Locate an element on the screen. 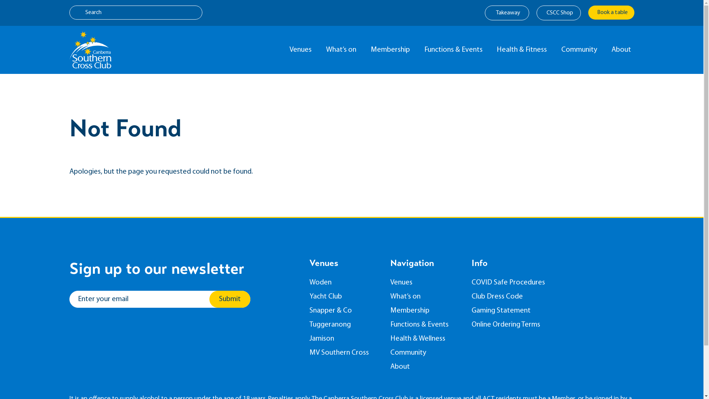  'Gaming Statement' is located at coordinates (512, 310).